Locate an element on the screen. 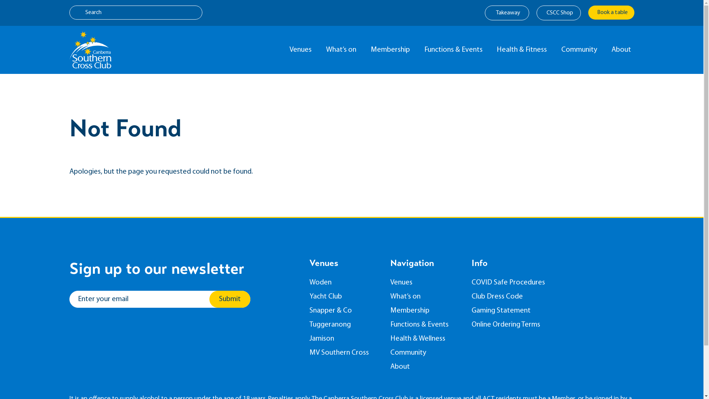  'Gaming Statement' is located at coordinates (512, 310).